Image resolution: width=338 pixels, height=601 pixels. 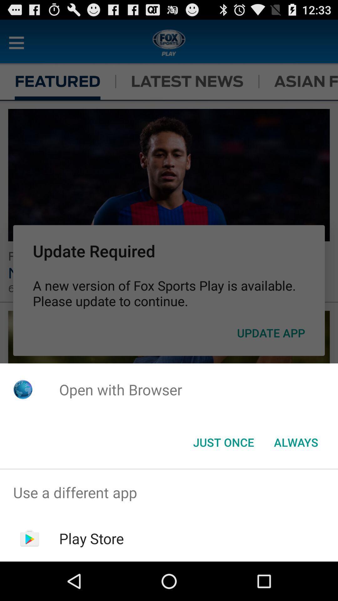 I want to click on always at the bottom right corner, so click(x=296, y=442).